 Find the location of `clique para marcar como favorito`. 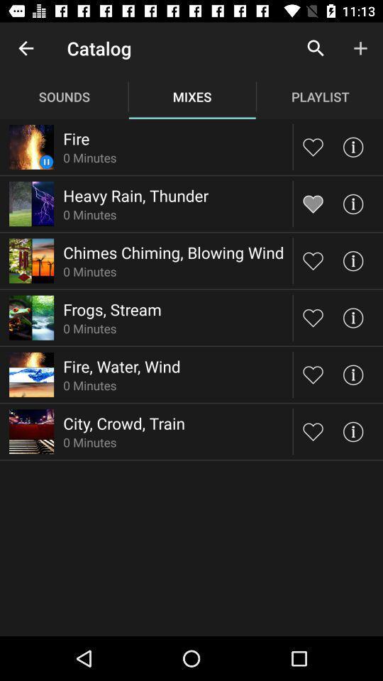

clique para marcar como favorito is located at coordinates (313, 203).